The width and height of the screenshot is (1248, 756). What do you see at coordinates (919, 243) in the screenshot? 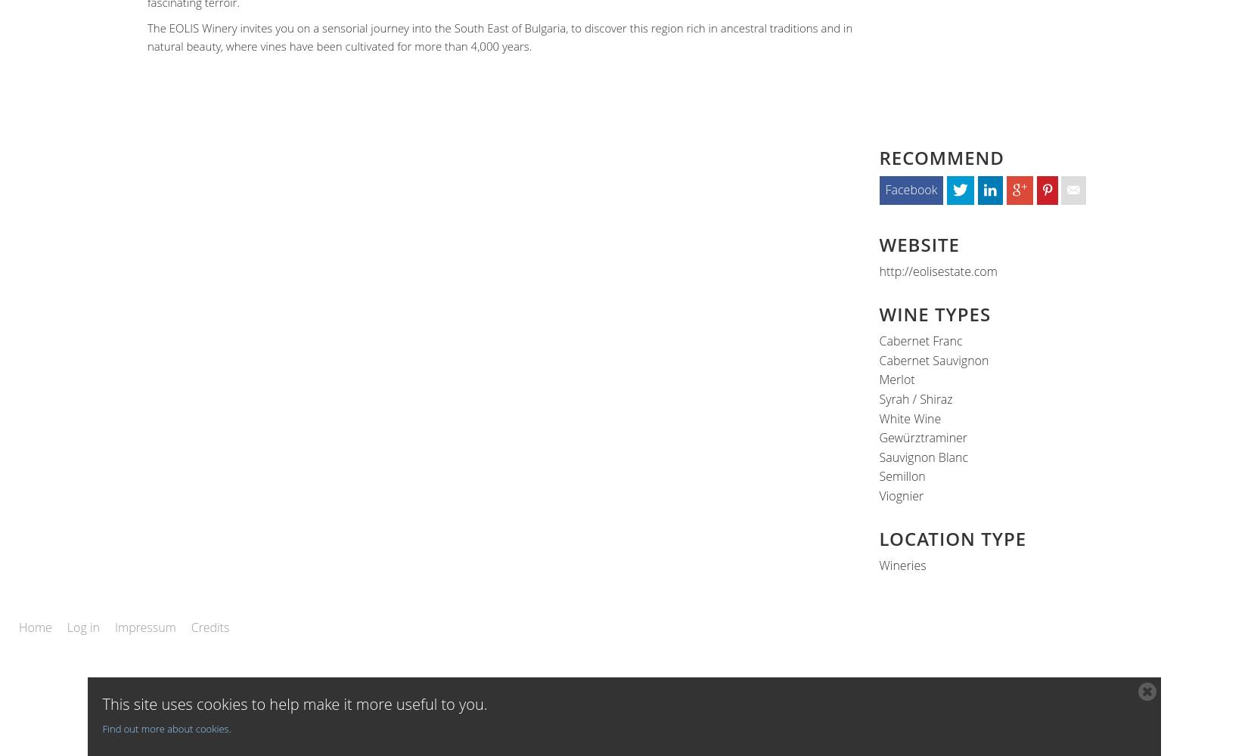
I see `'Website'` at bounding box center [919, 243].